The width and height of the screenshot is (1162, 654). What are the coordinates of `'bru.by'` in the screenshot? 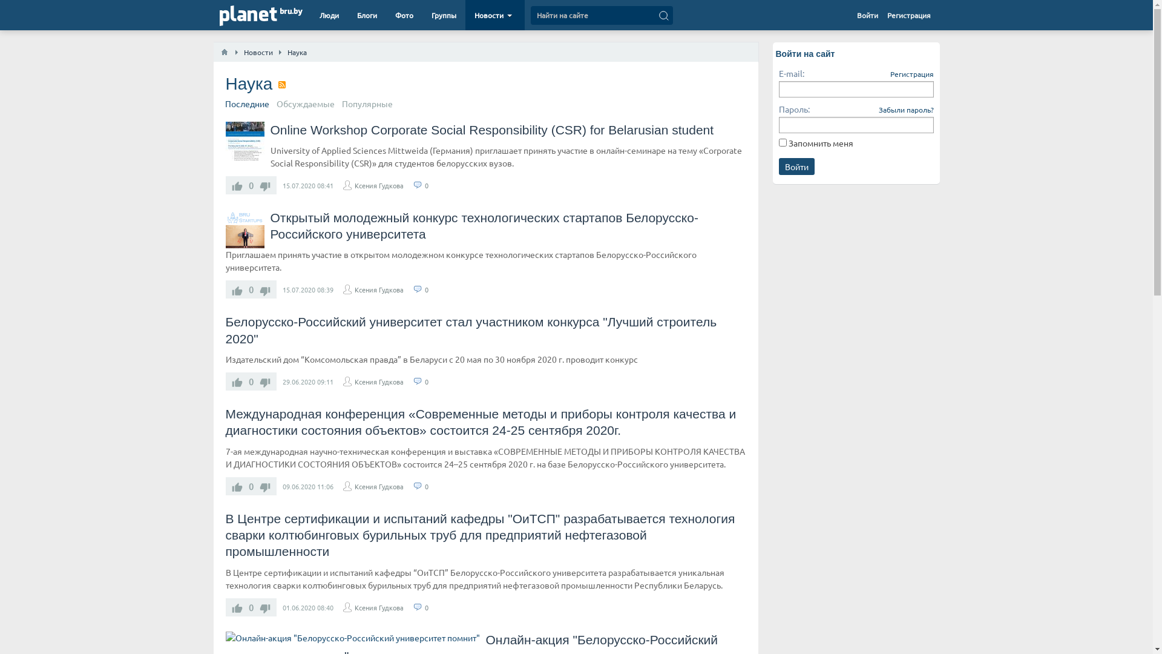 It's located at (290, 12).